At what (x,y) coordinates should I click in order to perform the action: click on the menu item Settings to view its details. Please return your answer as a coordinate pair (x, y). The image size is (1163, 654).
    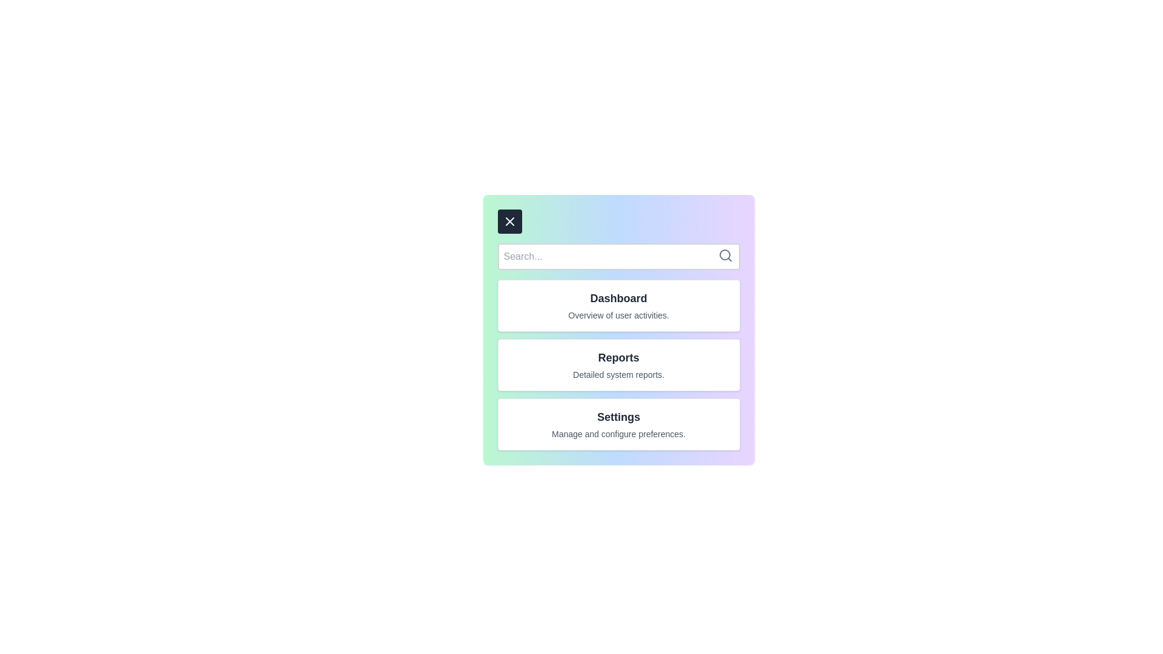
    Looking at the image, I should click on (618, 424).